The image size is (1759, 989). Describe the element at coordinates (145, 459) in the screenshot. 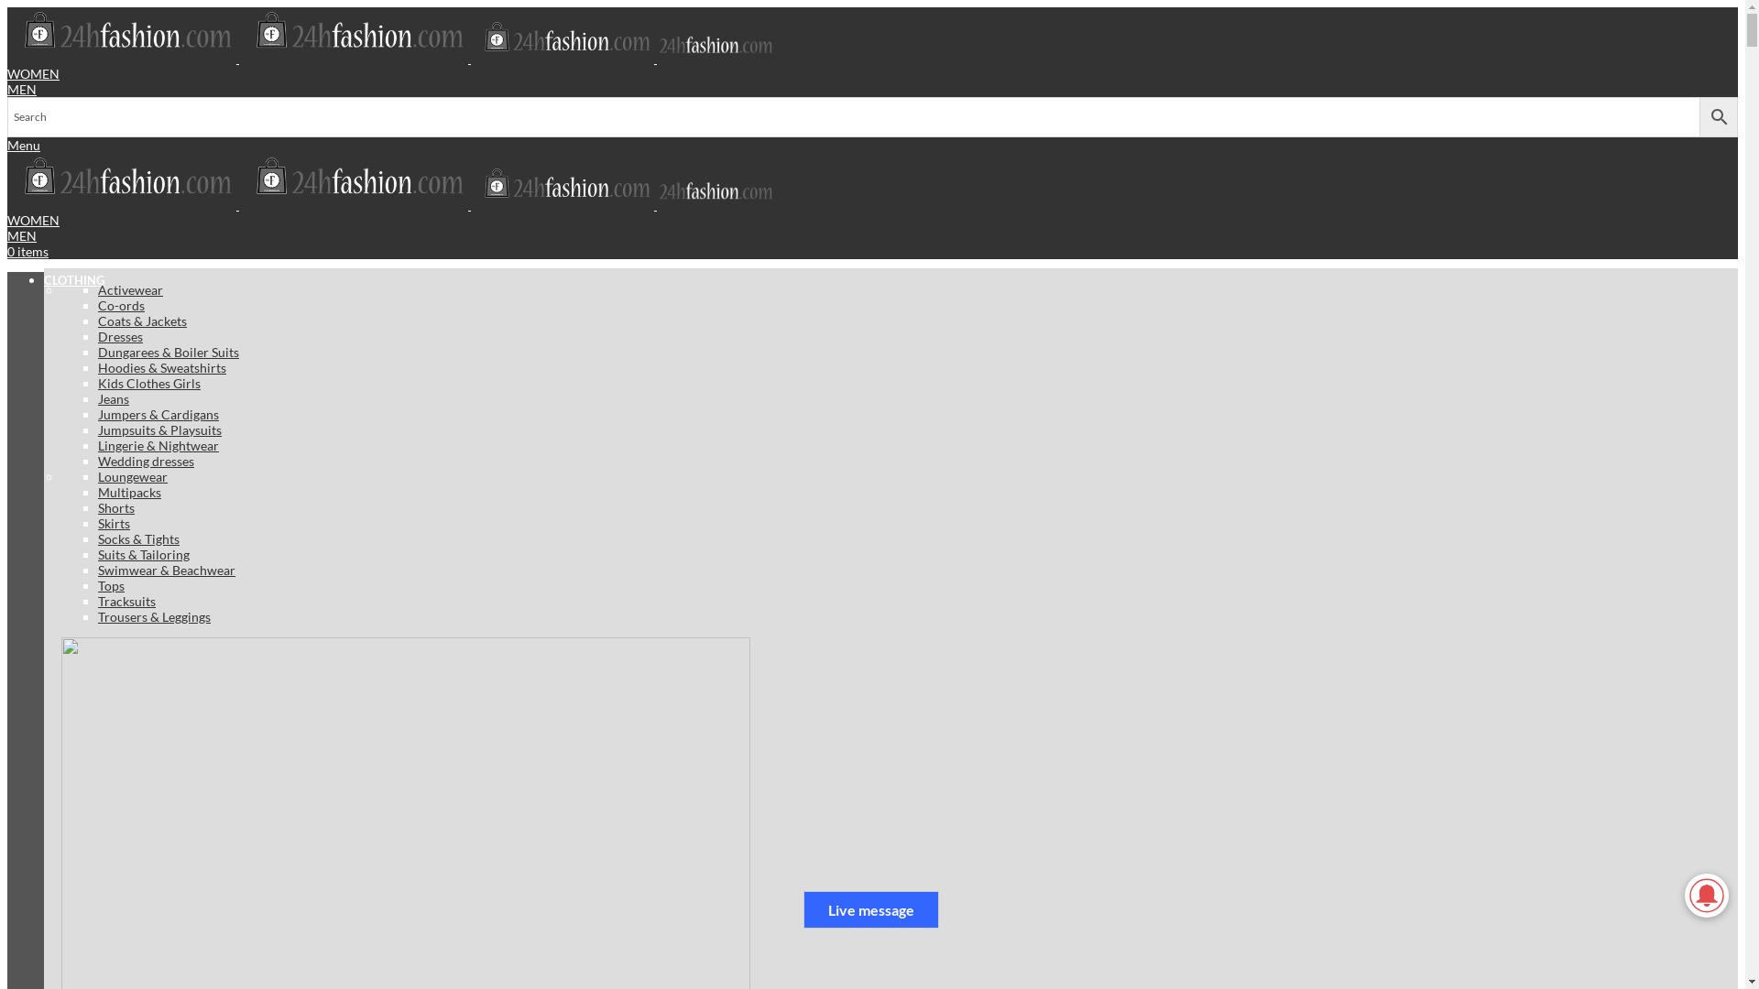

I see `'Wedding dresses'` at that location.